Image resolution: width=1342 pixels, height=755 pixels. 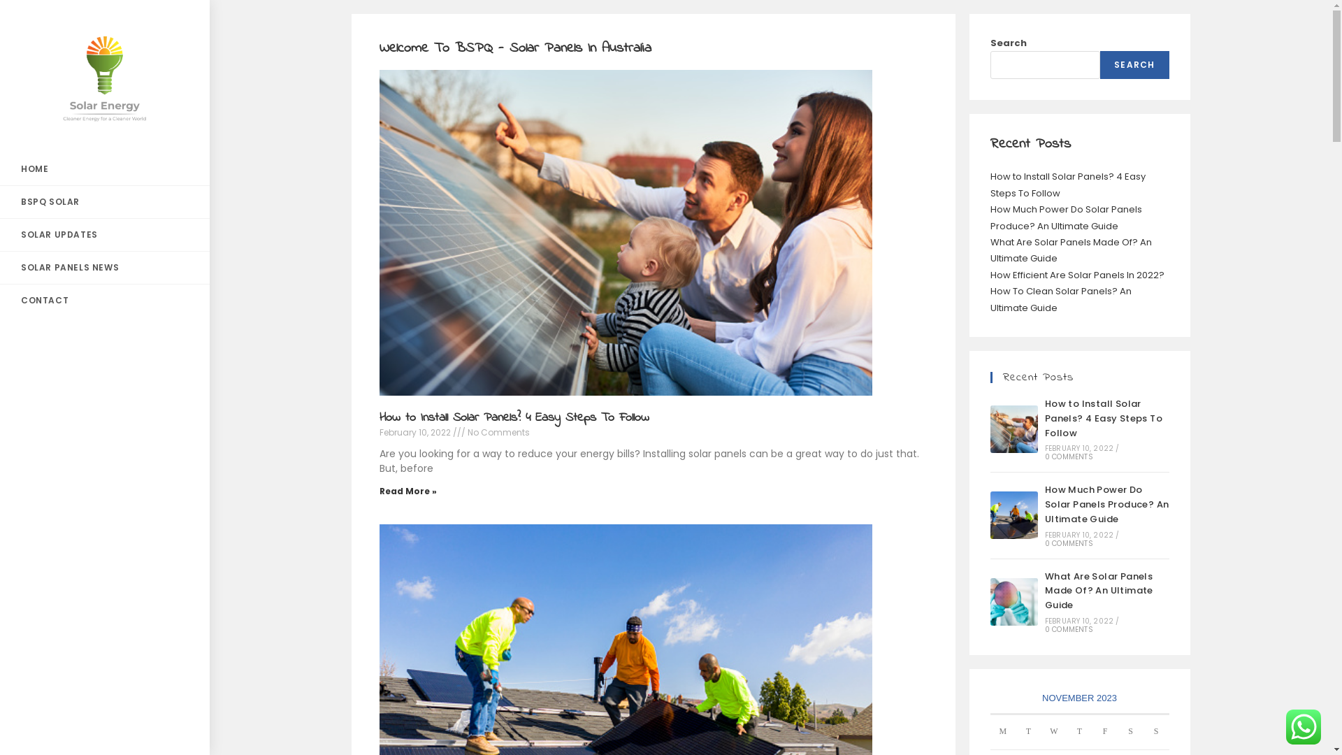 What do you see at coordinates (103, 267) in the screenshot?
I see `'SOLAR PANELS NEWS'` at bounding box center [103, 267].